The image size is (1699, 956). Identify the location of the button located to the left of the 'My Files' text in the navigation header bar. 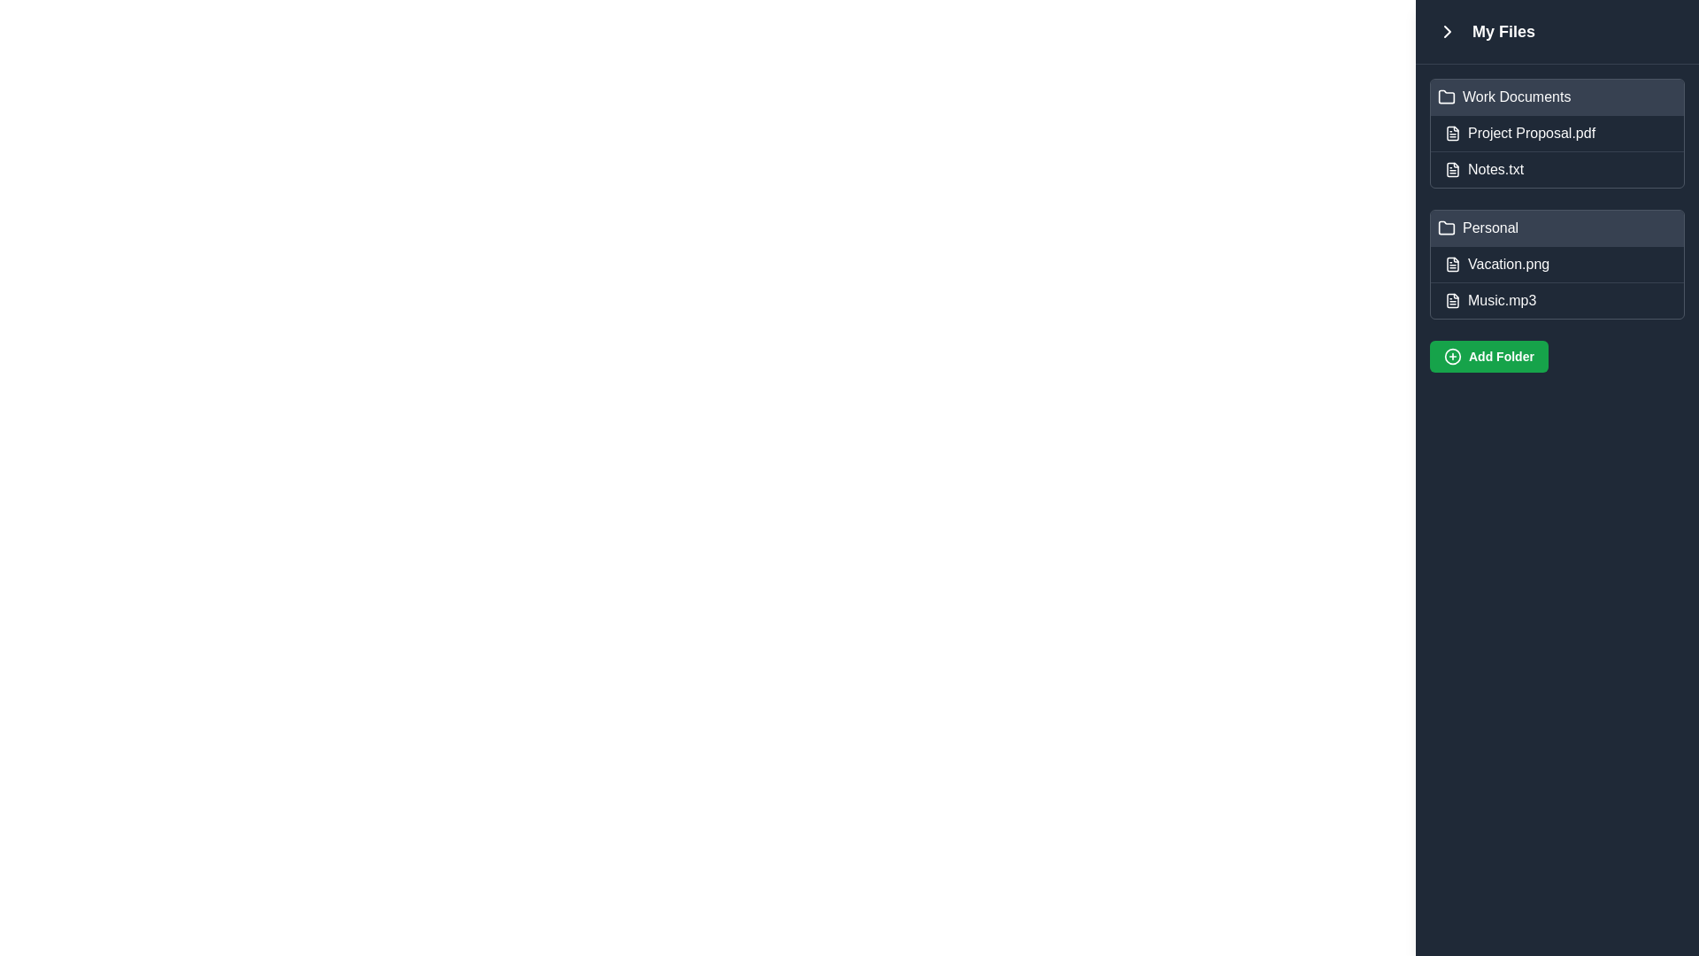
(1448, 31).